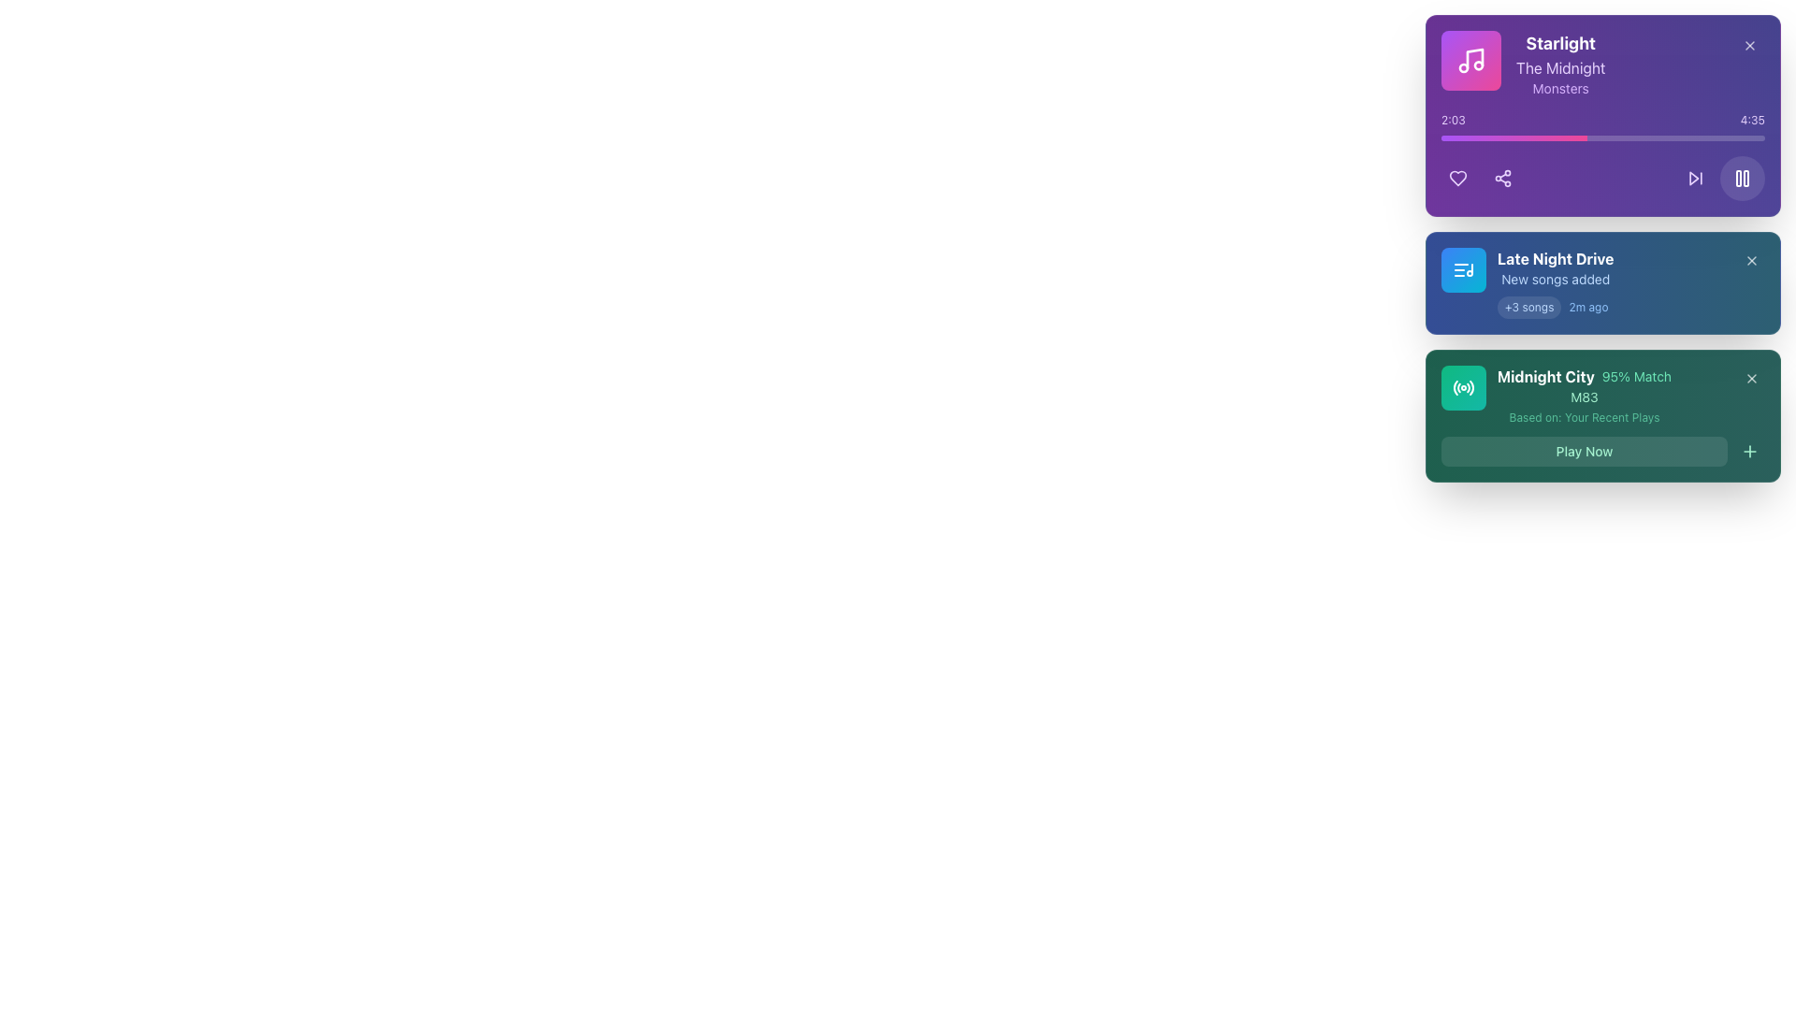  Describe the element at coordinates (1457, 179) in the screenshot. I see `the purple heart outline button indicating a 'like' action located in the bottom-left corner of the first card` at that location.